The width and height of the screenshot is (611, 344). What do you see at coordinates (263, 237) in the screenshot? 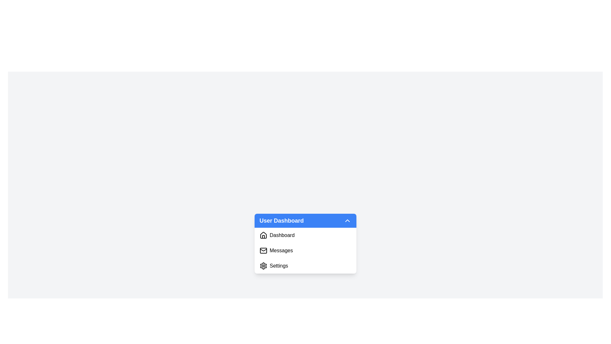
I see `the bottom portion of the house icon representing the 'Dashboard' option` at bounding box center [263, 237].